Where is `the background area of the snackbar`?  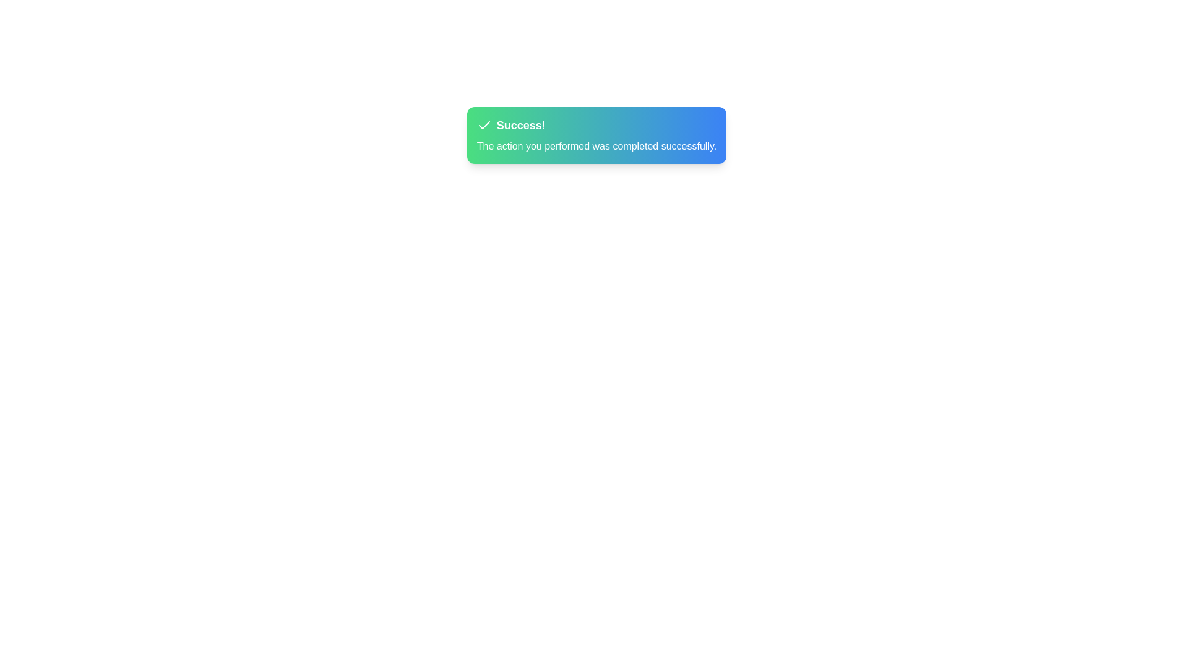
the background area of the snackbar is located at coordinates (596, 135).